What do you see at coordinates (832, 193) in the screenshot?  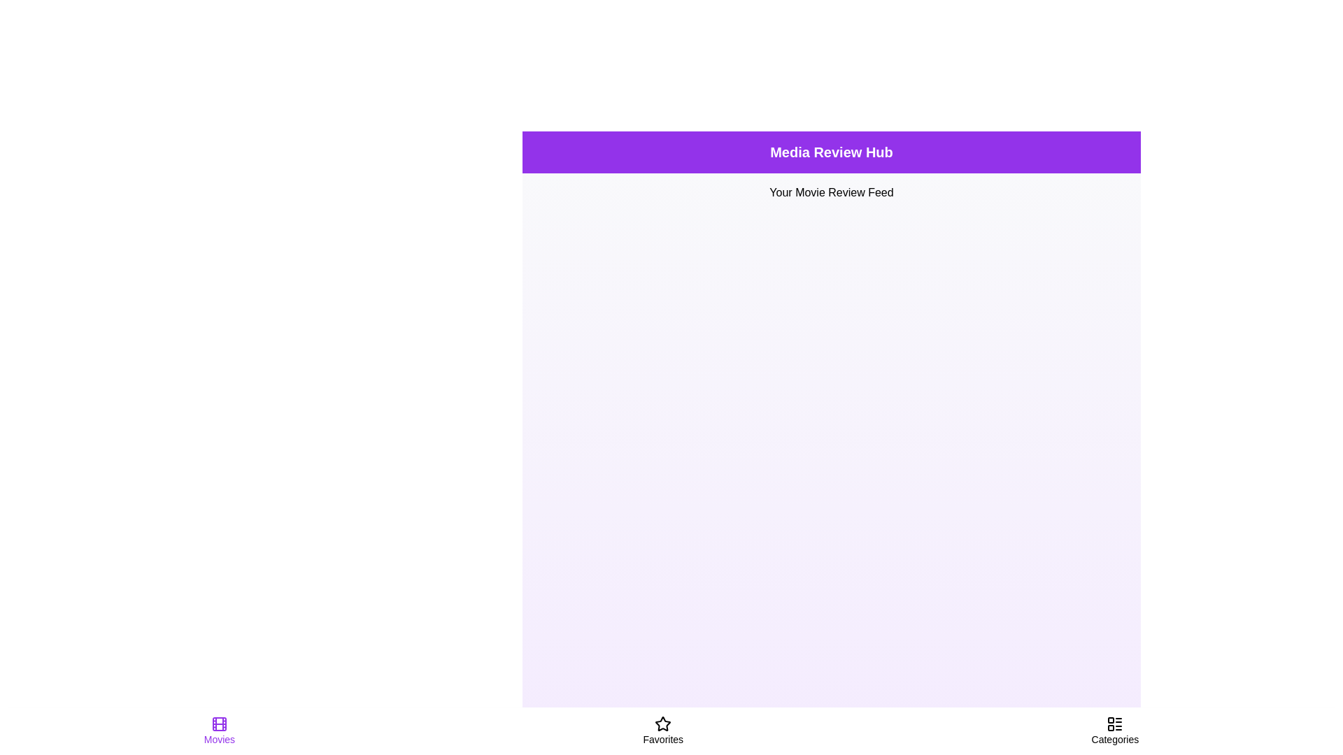 I see `the text label reading 'Your Movie Review Feed', which is centered on a white background beneath the 'Media Review Hub' header` at bounding box center [832, 193].